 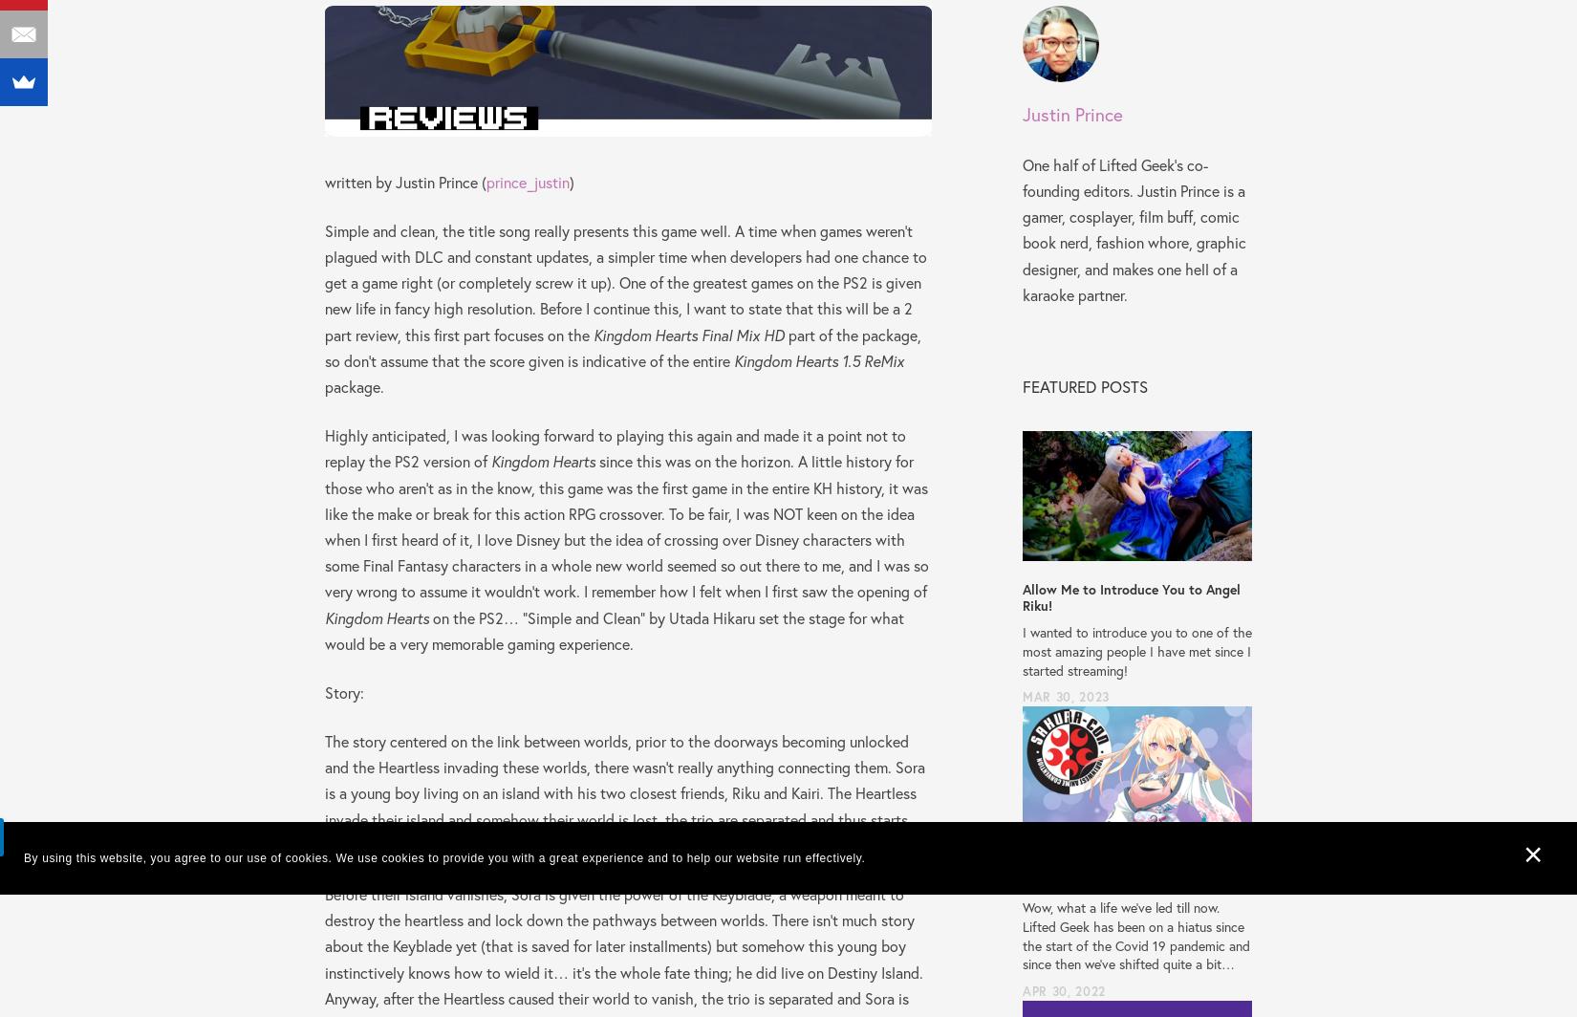 What do you see at coordinates (1135, 871) in the screenshot?
I see `'Love (for Anime) in the time of Covid: Sakura Con 2022'` at bounding box center [1135, 871].